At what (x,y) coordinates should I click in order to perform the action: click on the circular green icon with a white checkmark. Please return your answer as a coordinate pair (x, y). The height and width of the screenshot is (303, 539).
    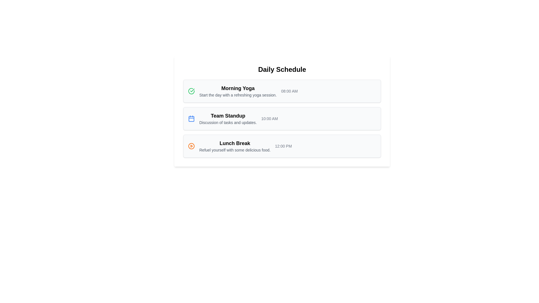
    Looking at the image, I should click on (191, 91).